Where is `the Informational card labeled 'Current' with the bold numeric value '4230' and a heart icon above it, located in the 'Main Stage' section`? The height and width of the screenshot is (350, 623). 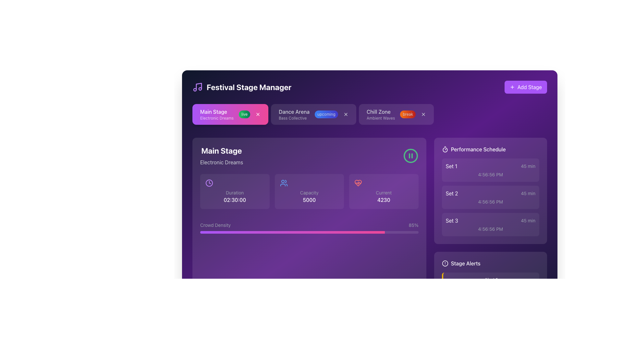 the Informational card labeled 'Current' with the bold numeric value '4230' and a heart icon above it, located in the 'Main Stage' section is located at coordinates (384, 191).